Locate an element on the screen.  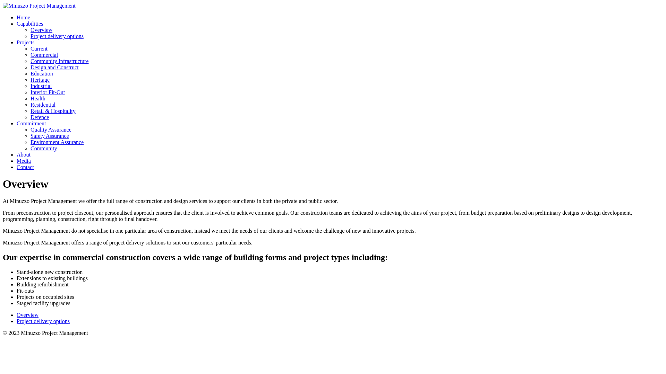
'Community' is located at coordinates (43, 148).